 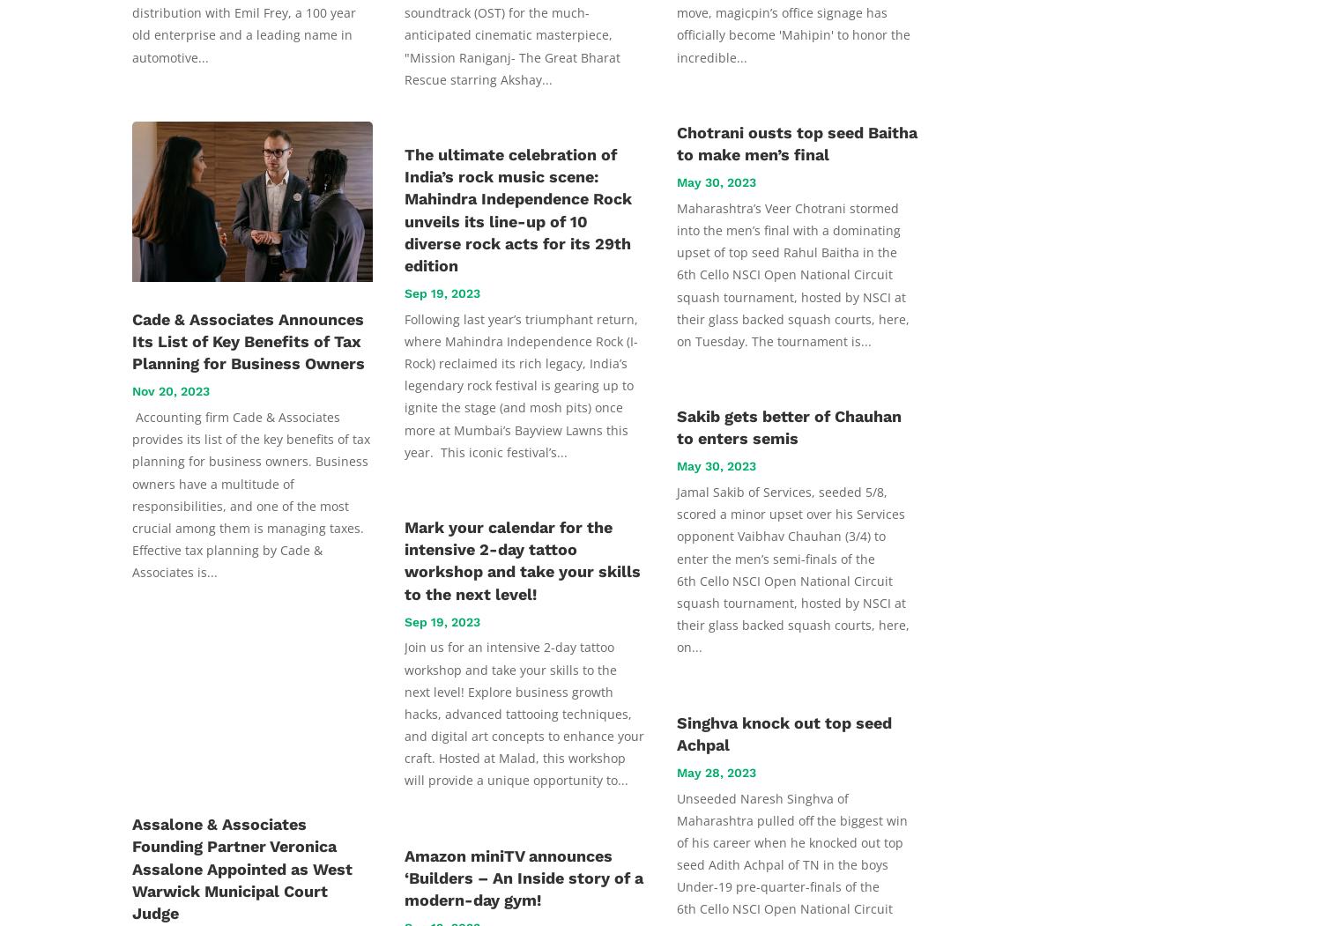 What do you see at coordinates (789, 426) in the screenshot?
I see `'Sakib gets better of Chauhan to enters semis'` at bounding box center [789, 426].